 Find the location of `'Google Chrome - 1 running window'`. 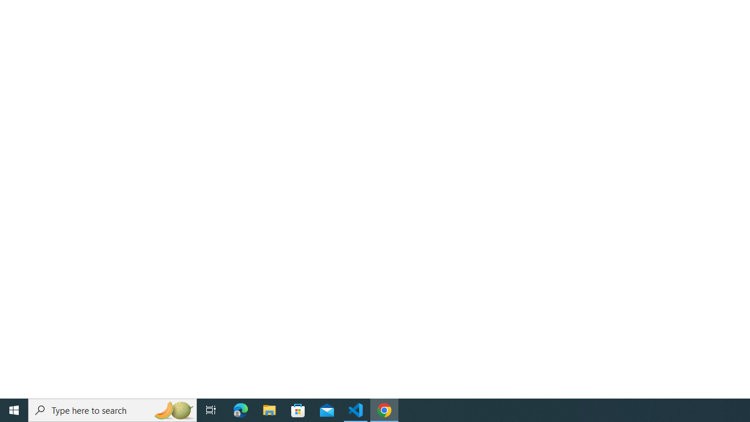

'Google Chrome - 1 running window' is located at coordinates (384, 409).